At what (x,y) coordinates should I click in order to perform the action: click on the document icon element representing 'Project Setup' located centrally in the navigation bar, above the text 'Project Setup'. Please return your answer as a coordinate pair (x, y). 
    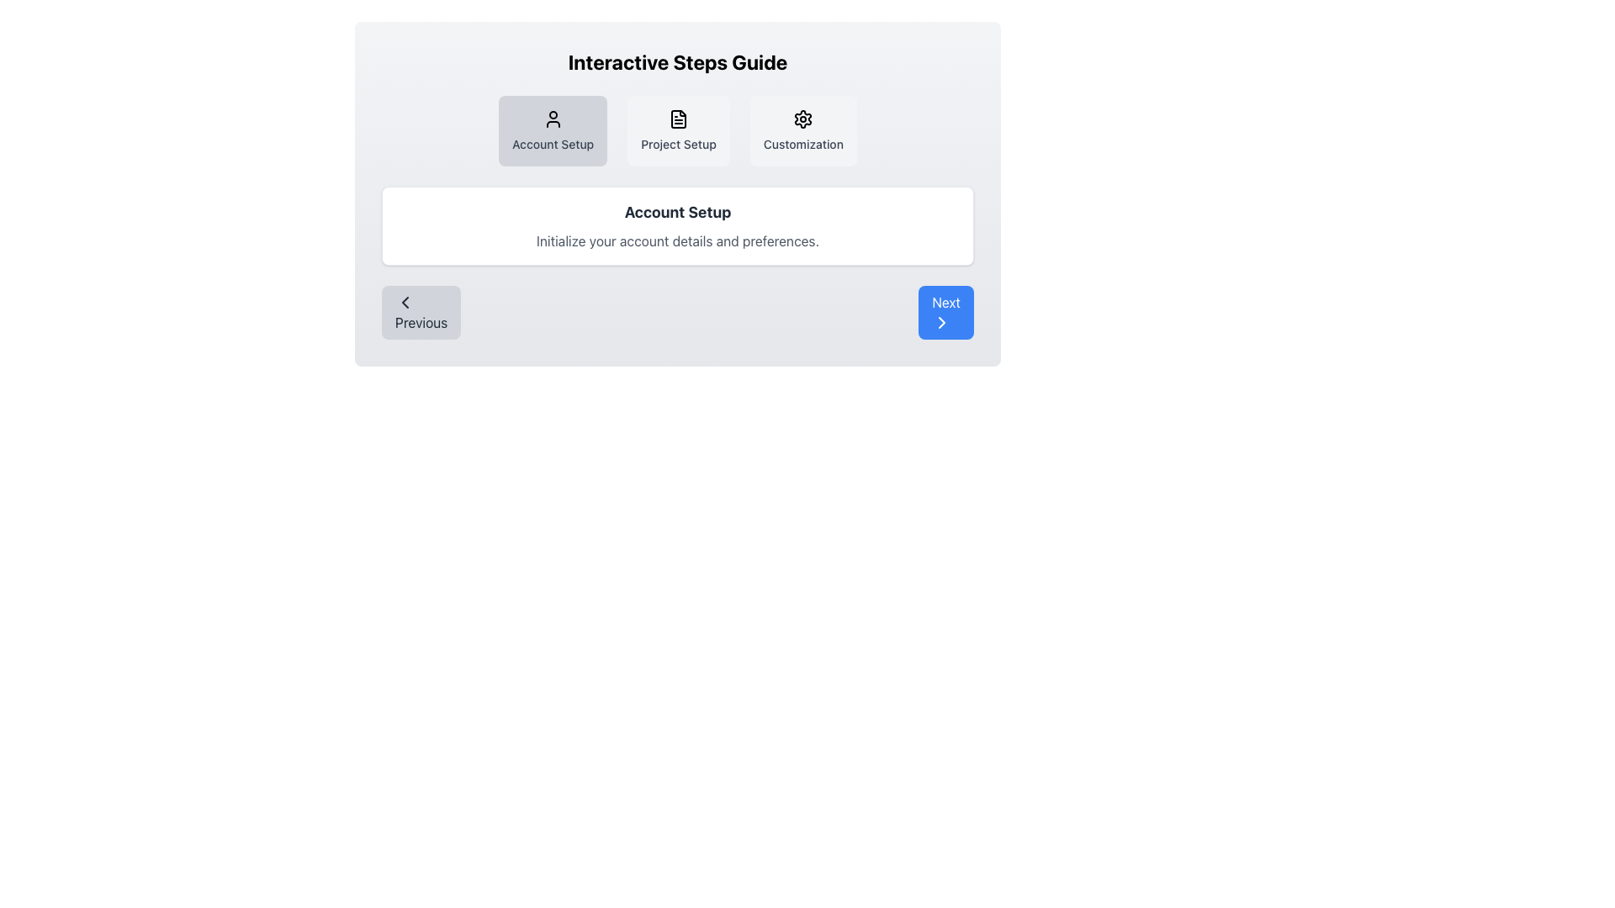
    Looking at the image, I should click on (678, 119).